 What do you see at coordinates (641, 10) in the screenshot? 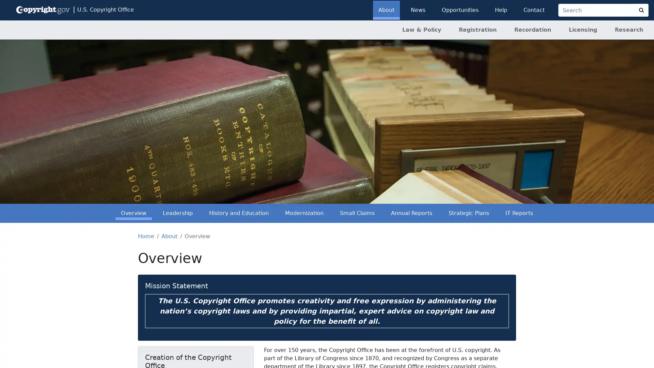
I see `Search Copyright.gov` at bounding box center [641, 10].